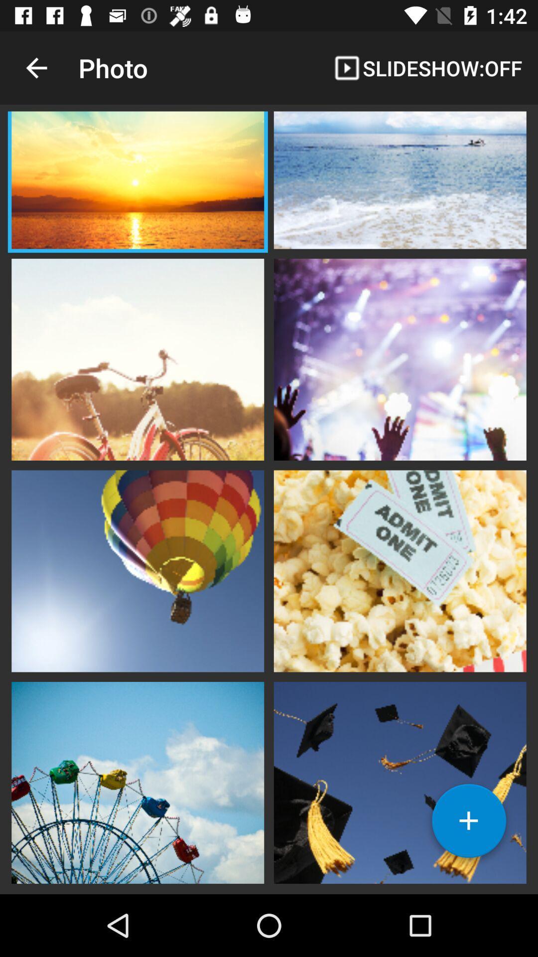  What do you see at coordinates (137, 181) in the screenshot?
I see `the picture` at bounding box center [137, 181].